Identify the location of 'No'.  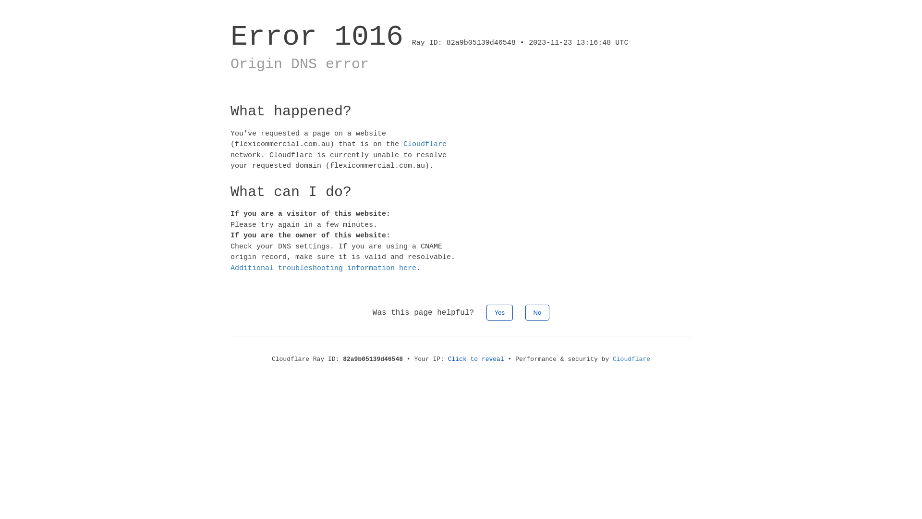
(537, 312).